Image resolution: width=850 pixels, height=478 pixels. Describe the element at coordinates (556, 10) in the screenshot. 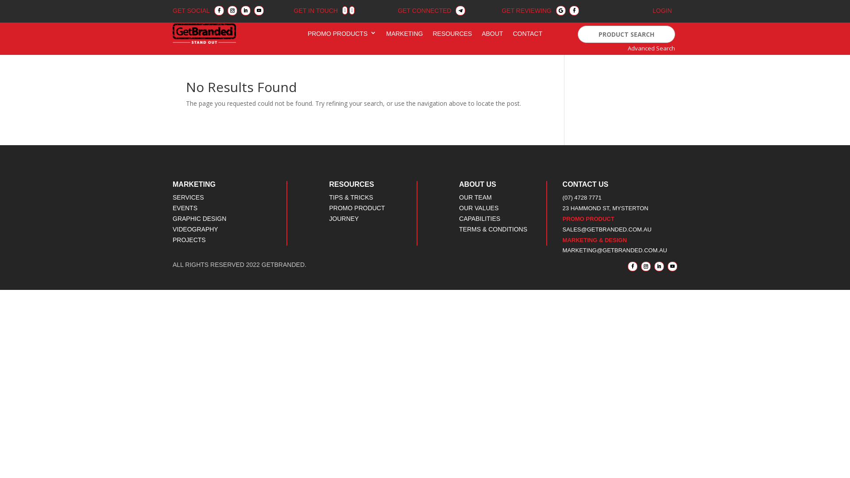

I see `'Follow on Google'` at that location.